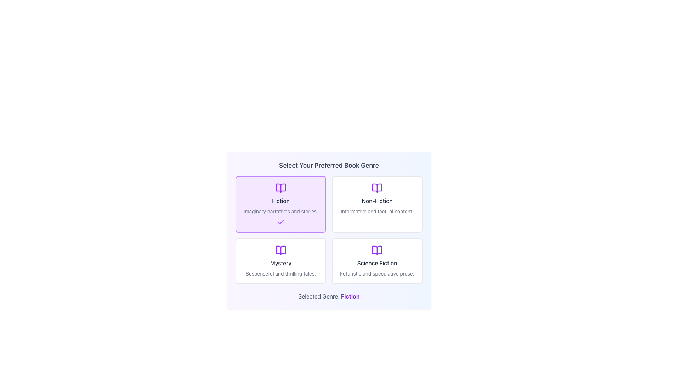  Describe the element at coordinates (280, 201) in the screenshot. I see `text label identifying the genre as 'Fiction', which is part of the selectable genre card with a purple background and border, located in the upper-left quadrant of the grid layout` at that location.